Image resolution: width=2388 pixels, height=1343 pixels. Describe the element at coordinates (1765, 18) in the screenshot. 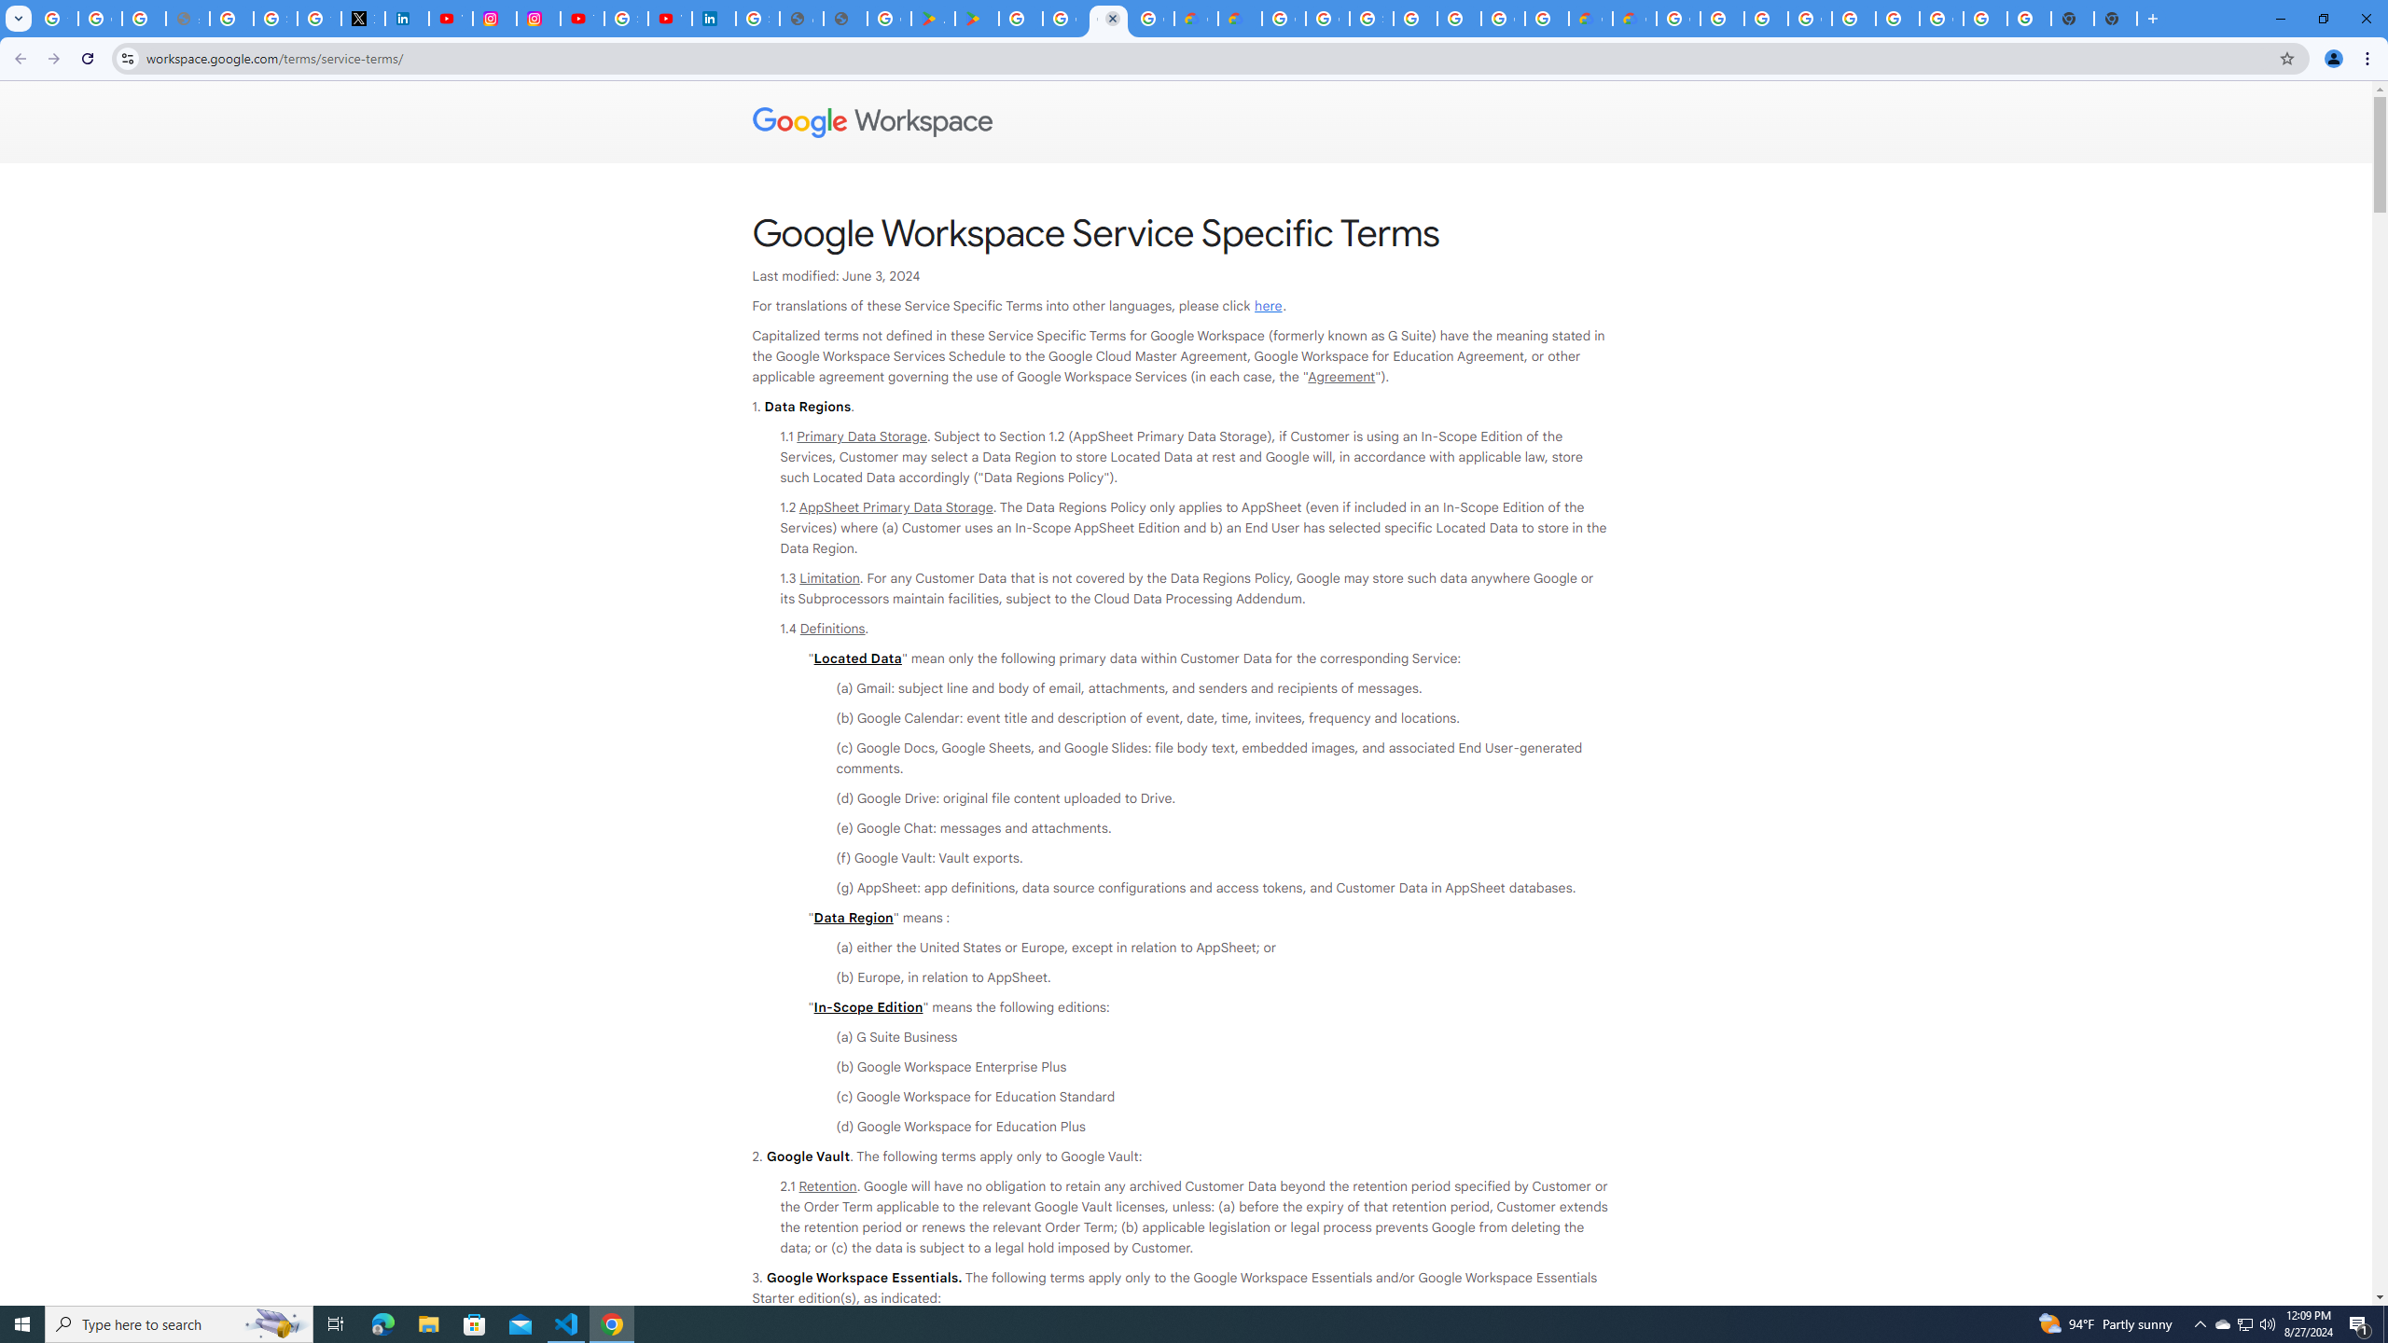

I see `'Browse Chrome as a guest - Computer - Google Chrome Help'` at that location.